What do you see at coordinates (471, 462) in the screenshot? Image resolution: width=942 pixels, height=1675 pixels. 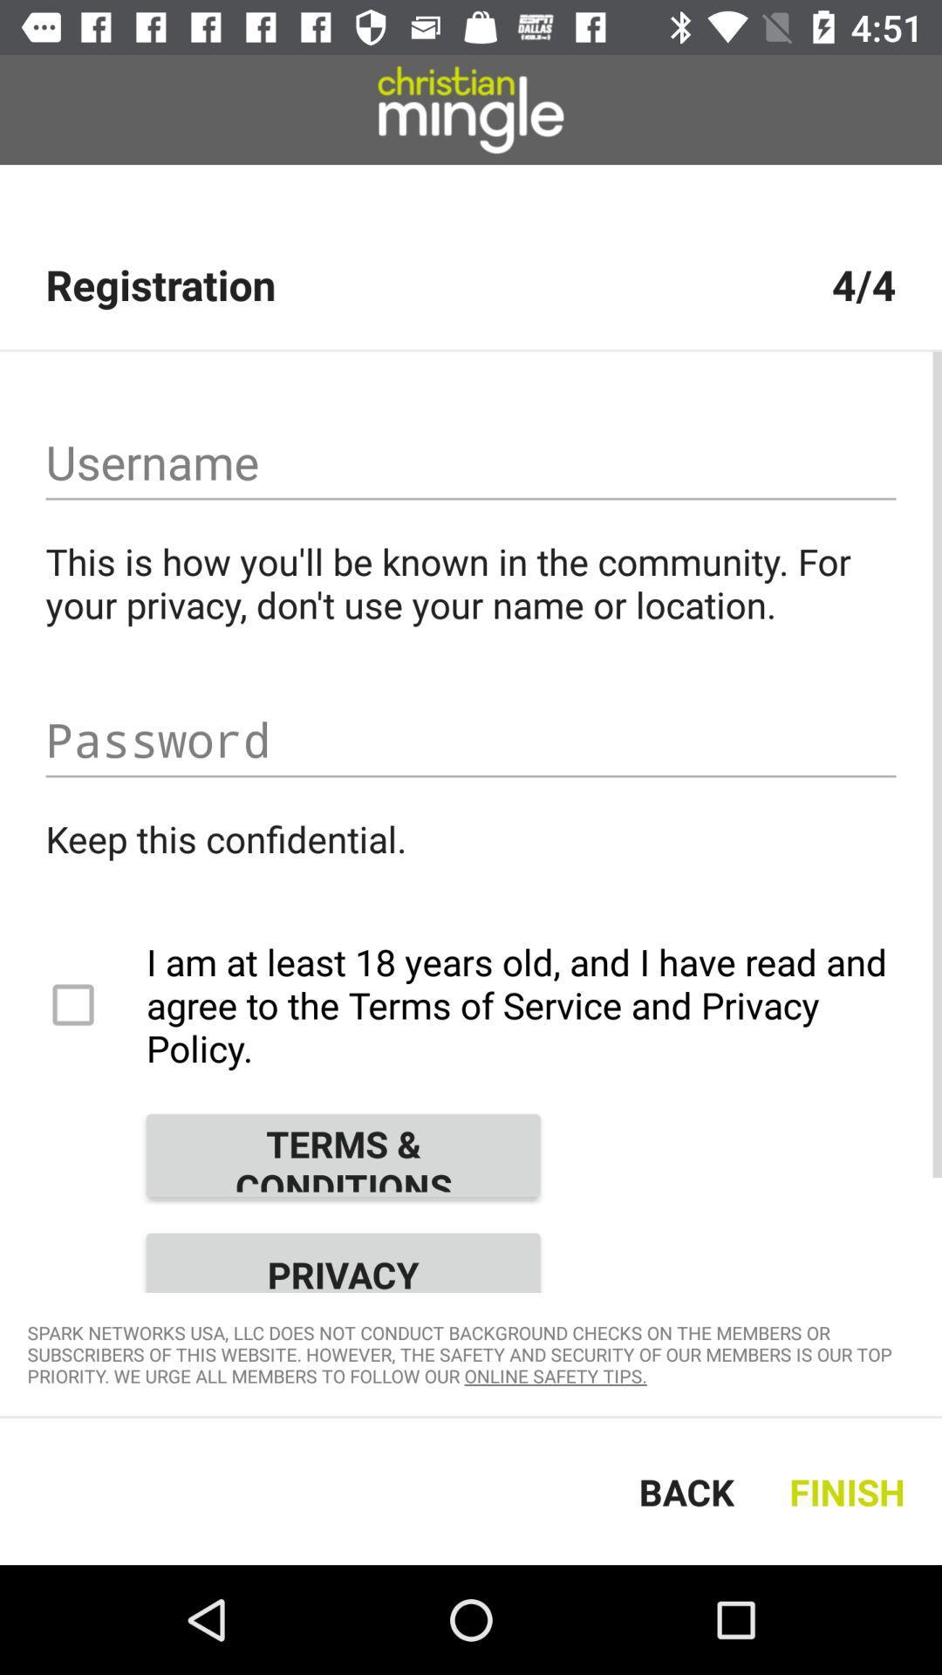 I see `the text box which says username` at bounding box center [471, 462].